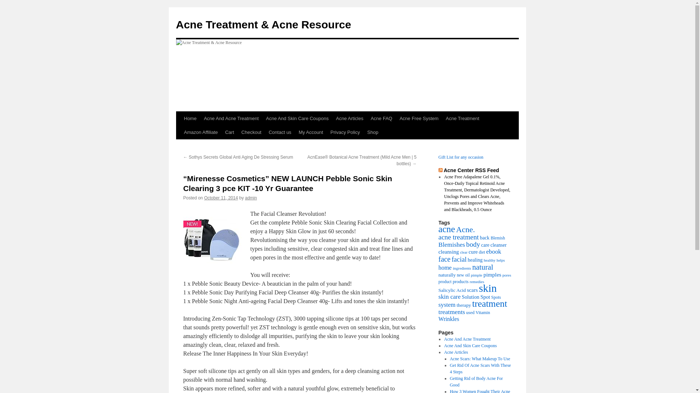 This screenshot has height=393, width=700. Describe the element at coordinates (463, 252) in the screenshot. I see `'clear'` at that location.